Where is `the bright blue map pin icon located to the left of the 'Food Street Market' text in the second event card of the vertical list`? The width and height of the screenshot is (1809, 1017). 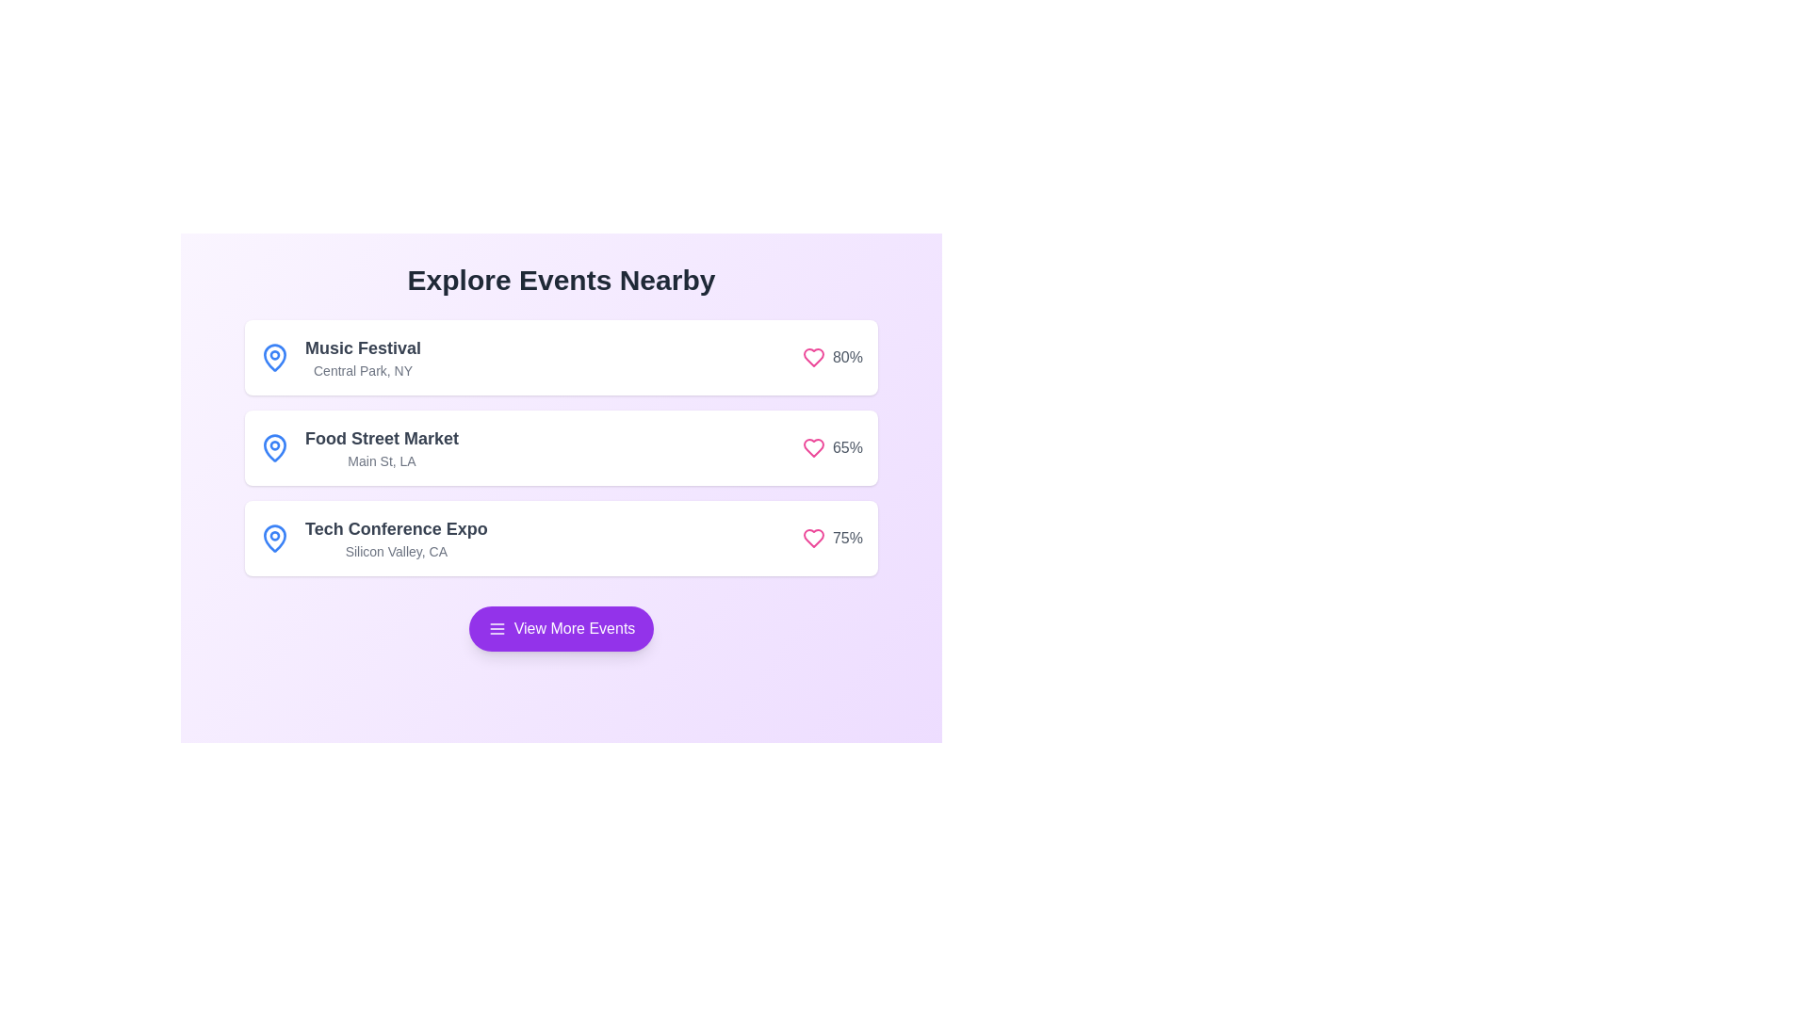
the bright blue map pin icon located to the left of the 'Food Street Market' text in the second event card of the vertical list is located at coordinates (274, 447).